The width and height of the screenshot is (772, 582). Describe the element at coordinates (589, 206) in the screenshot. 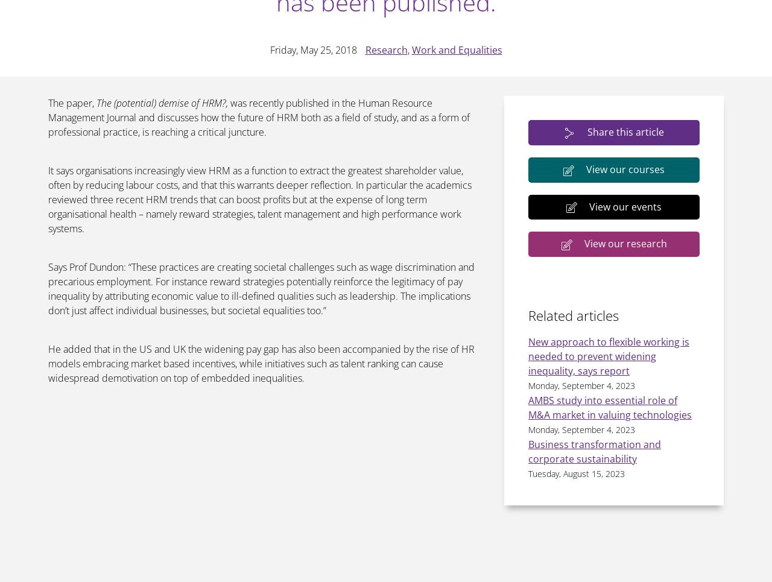

I see `'View our events'` at that location.